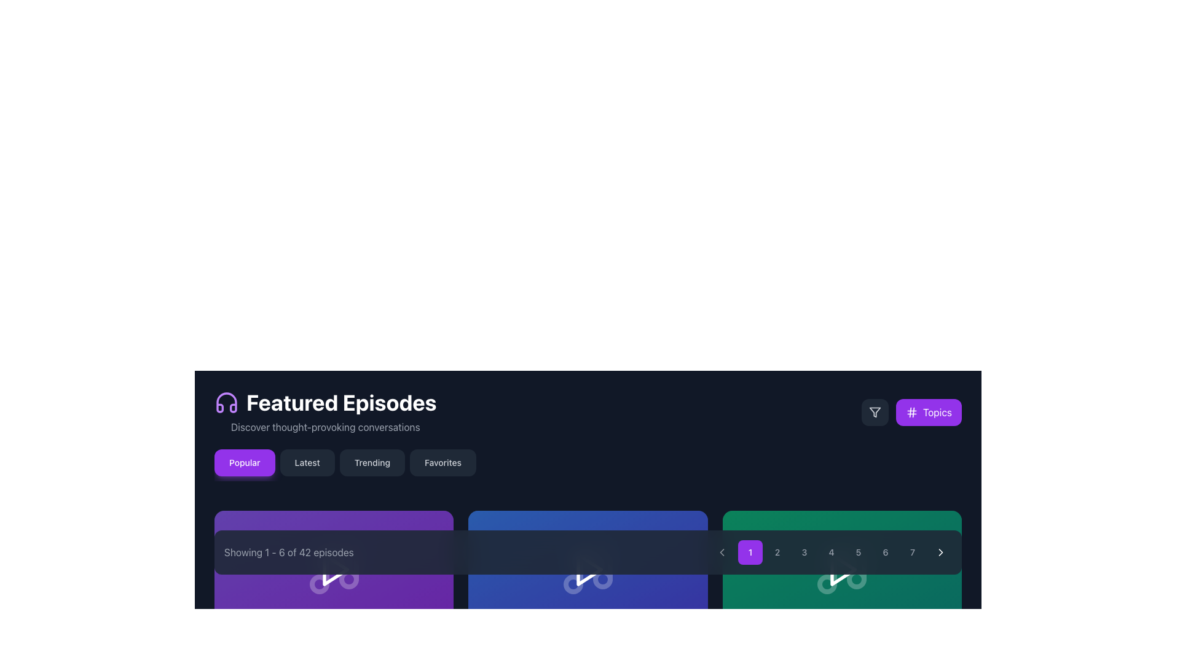 The width and height of the screenshot is (1180, 663). What do you see at coordinates (325, 426) in the screenshot?
I see `descriptive text label located below the 'Featured Episodes' heading and to the right of the headphone icon for additional details` at bounding box center [325, 426].